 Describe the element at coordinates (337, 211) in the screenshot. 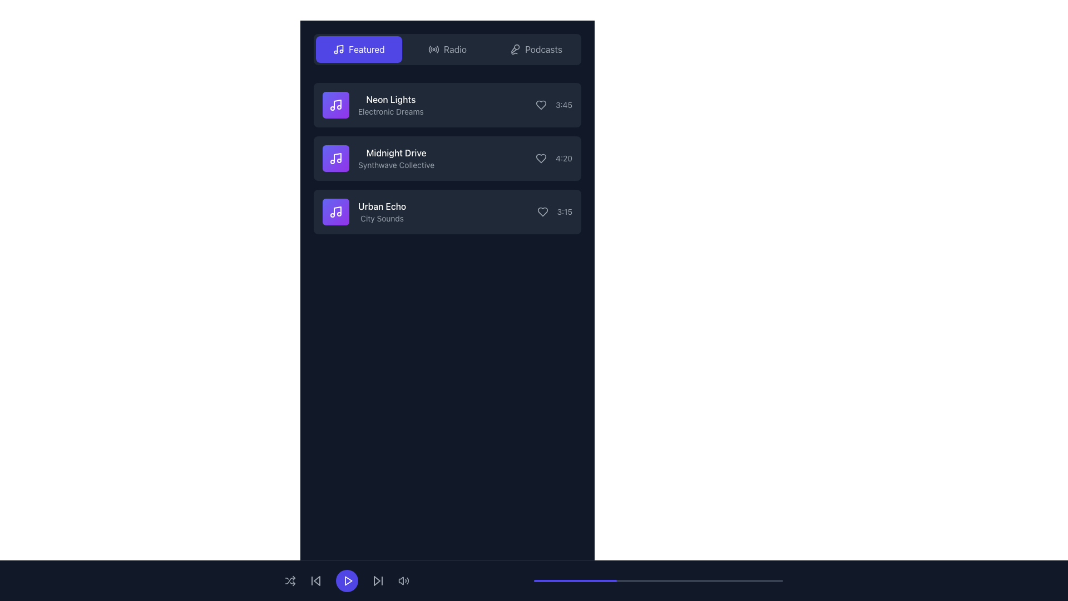

I see `the musical note icon representing the audio file 'Urban Echo', which is located towards the bottom of the list of icons` at that location.